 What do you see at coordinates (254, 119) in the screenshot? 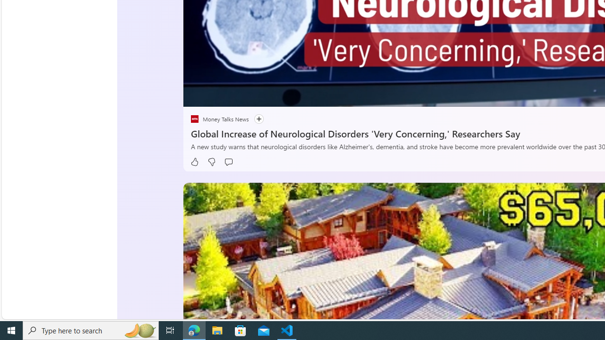
I see `'Follow'` at bounding box center [254, 119].